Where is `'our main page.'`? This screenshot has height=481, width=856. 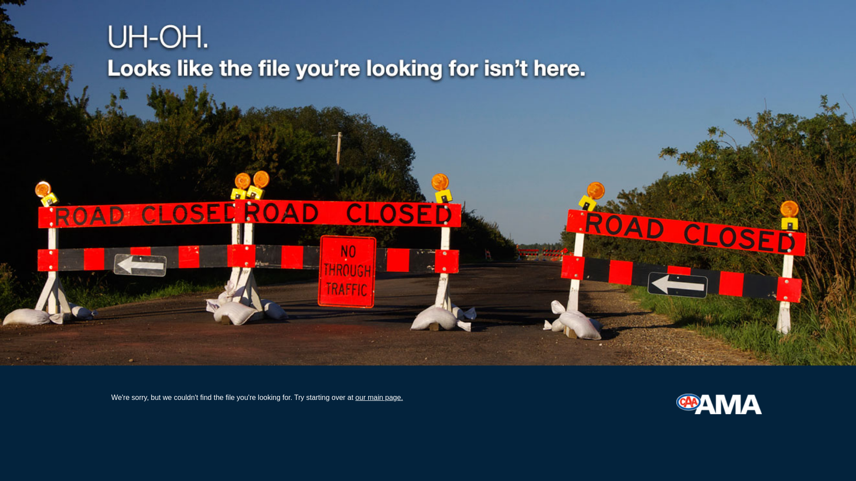
'our main page.' is located at coordinates (354, 397).